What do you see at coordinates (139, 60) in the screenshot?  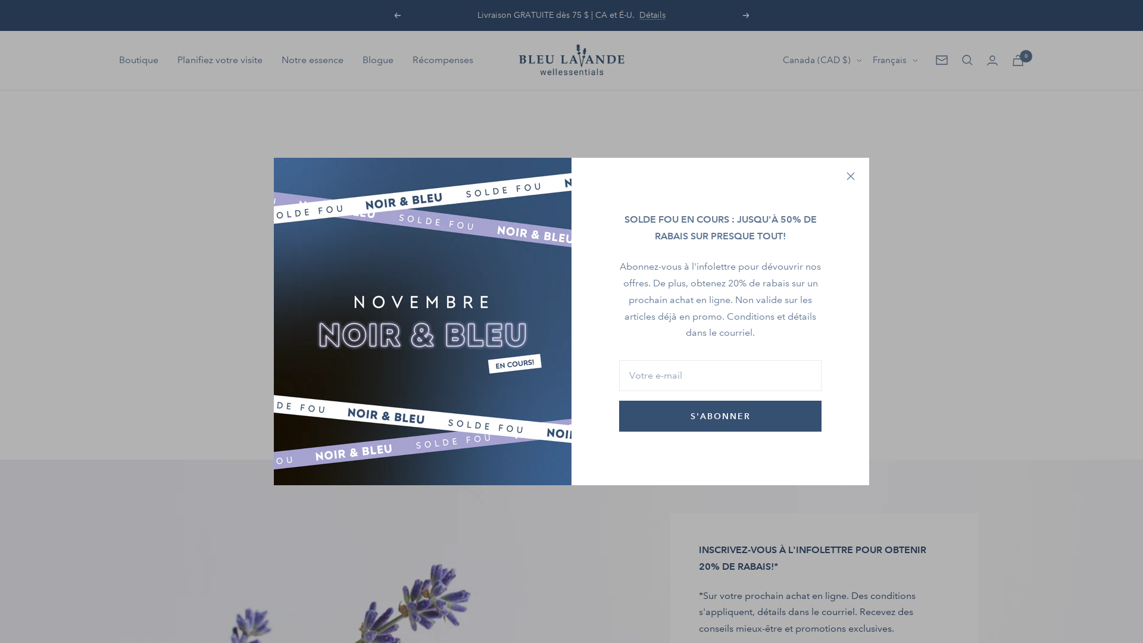 I see `'Boutique'` at bounding box center [139, 60].